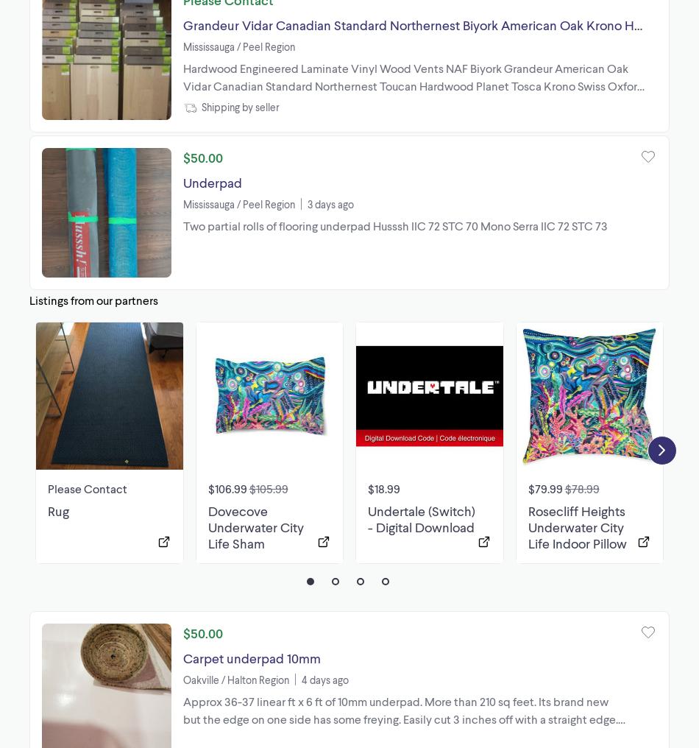 This screenshot has height=748, width=699. I want to click on '4 days ago', so click(324, 678).